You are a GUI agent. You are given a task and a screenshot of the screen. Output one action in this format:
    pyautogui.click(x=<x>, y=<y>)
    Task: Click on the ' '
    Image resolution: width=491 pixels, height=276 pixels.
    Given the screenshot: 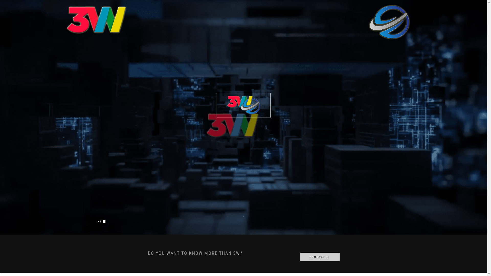 What is the action you would take?
    pyautogui.click(x=99, y=221)
    